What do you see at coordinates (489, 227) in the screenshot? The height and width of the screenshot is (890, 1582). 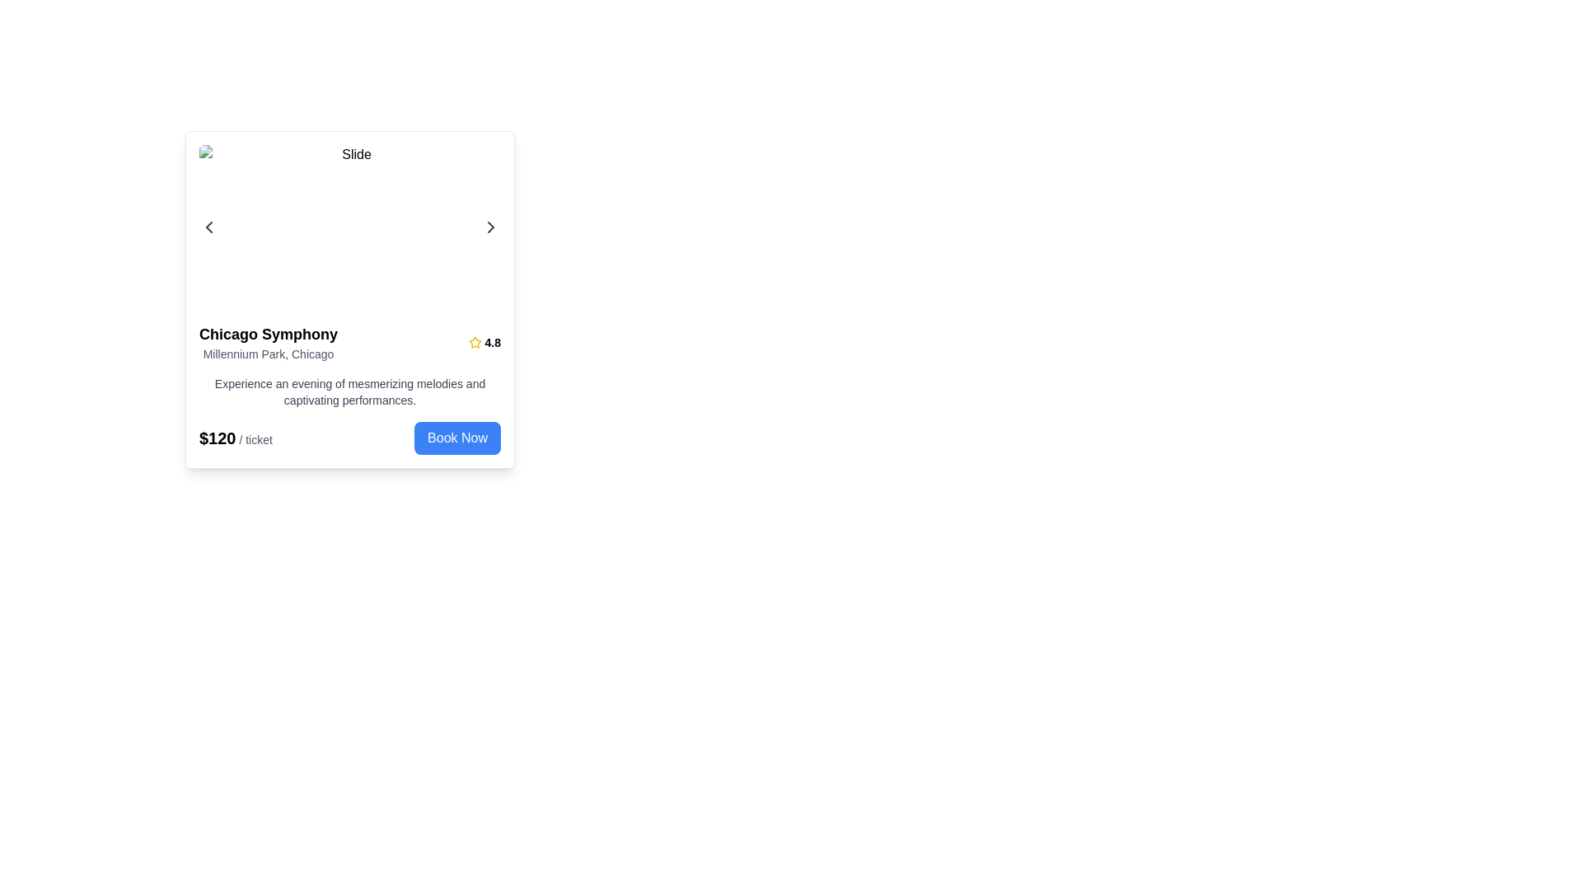 I see `the chevron icon styled as 'lucide-chevron-right' located at the top-right of the 'Chicago Symphony' card` at bounding box center [489, 227].